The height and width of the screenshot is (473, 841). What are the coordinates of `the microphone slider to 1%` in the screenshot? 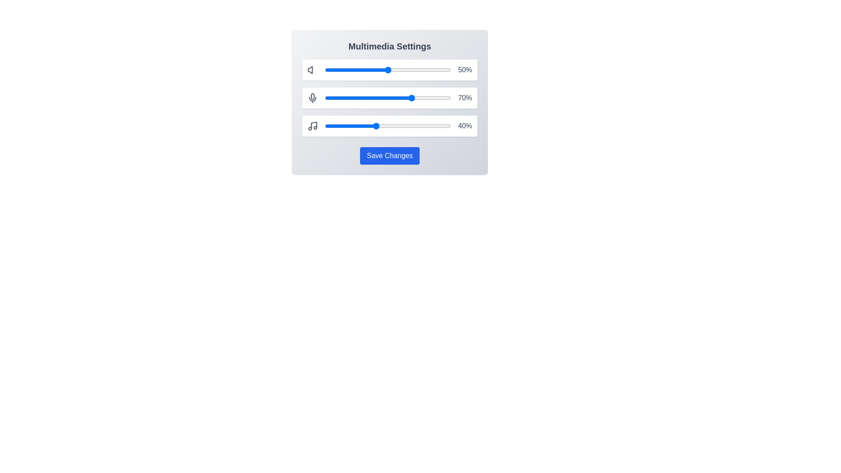 It's located at (325, 98).